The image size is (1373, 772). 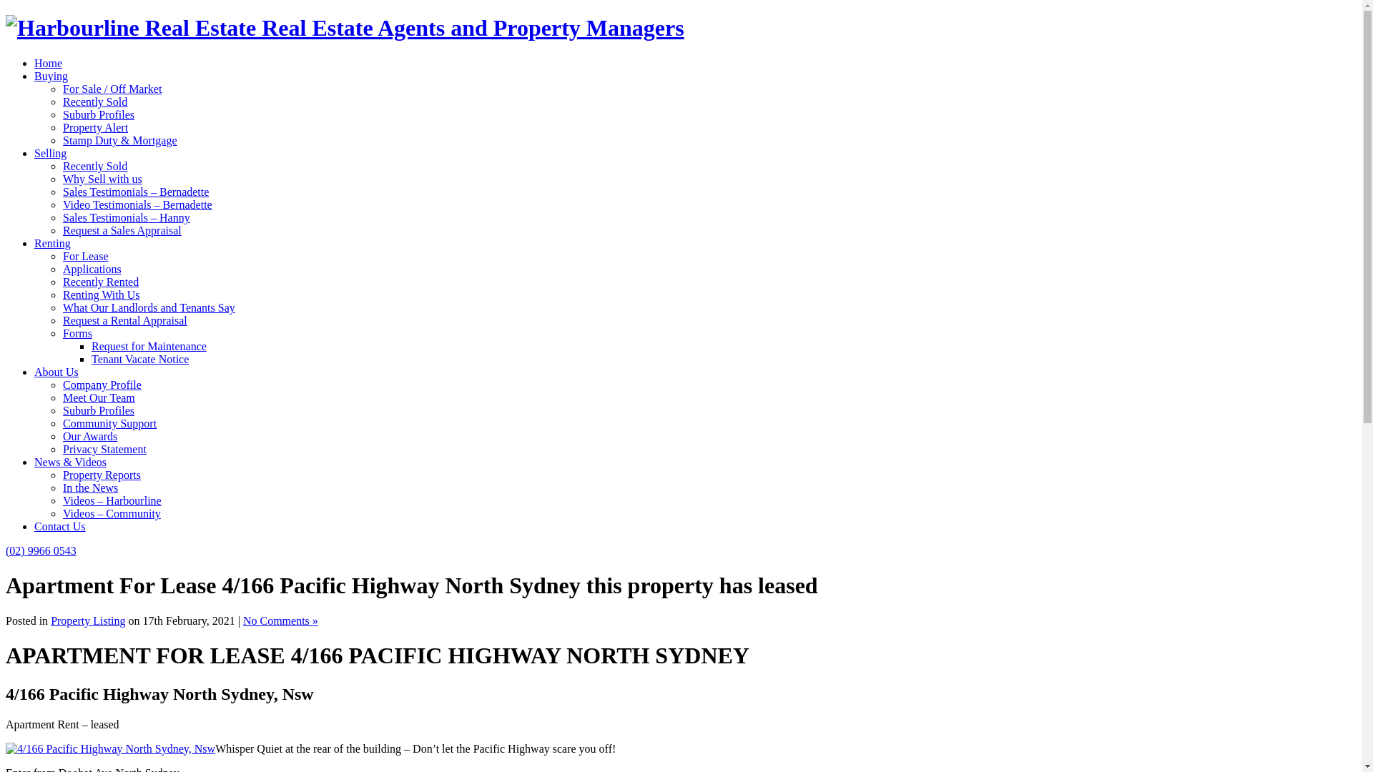 What do you see at coordinates (122, 229) in the screenshot?
I see `'Request a Sales Appraisal'` at bounding box center [122, 229].